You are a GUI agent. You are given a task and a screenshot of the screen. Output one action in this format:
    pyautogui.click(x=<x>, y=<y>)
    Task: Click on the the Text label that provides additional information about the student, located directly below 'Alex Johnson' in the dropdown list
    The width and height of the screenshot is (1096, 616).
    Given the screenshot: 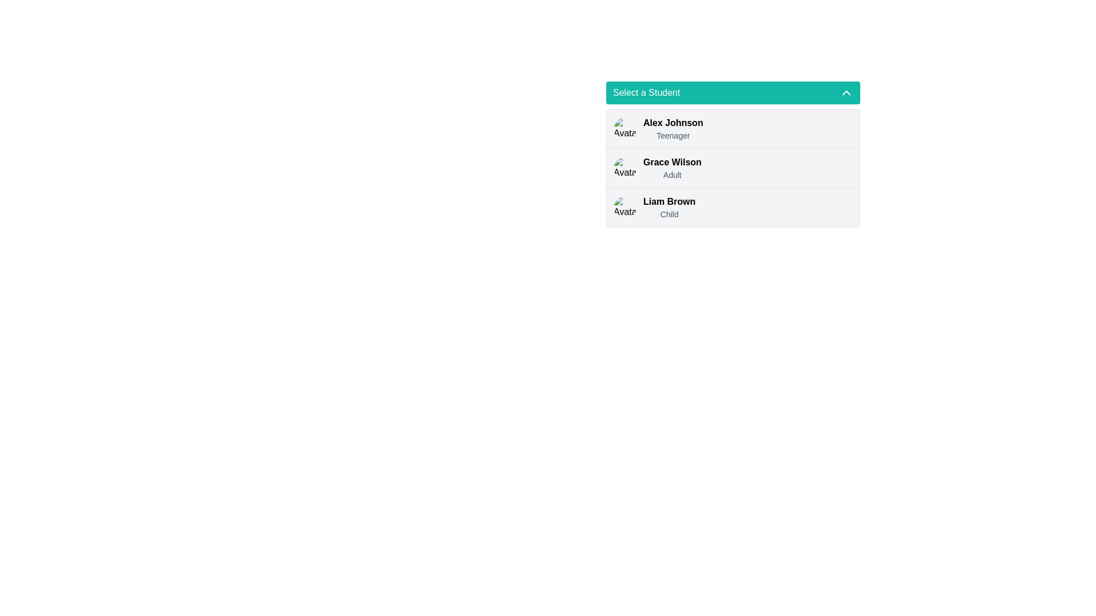 What is the action you would take?
    pyautogui.click(x=673, y=135)
    